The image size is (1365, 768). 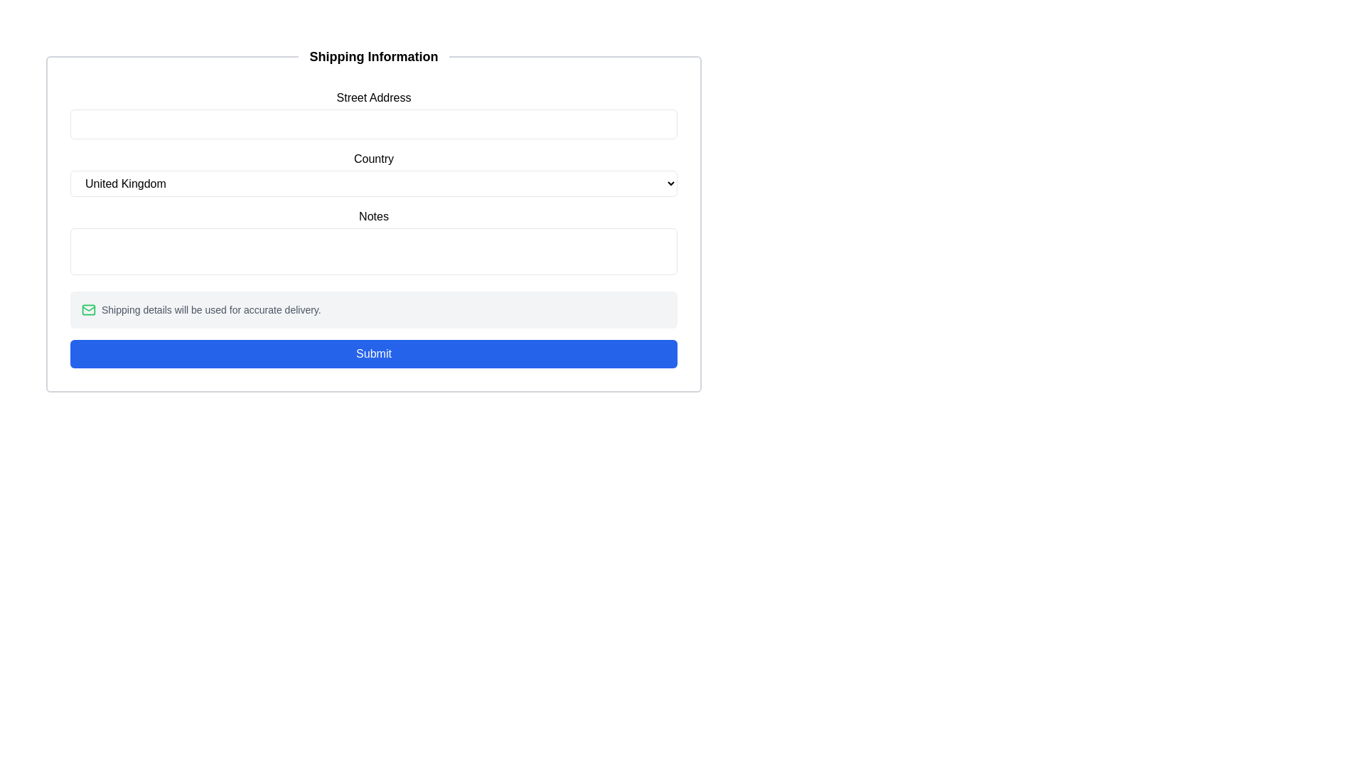 I want to click on the submit button located at the bottom of the 'Shipping Information' section, so click(x=374, y=353).